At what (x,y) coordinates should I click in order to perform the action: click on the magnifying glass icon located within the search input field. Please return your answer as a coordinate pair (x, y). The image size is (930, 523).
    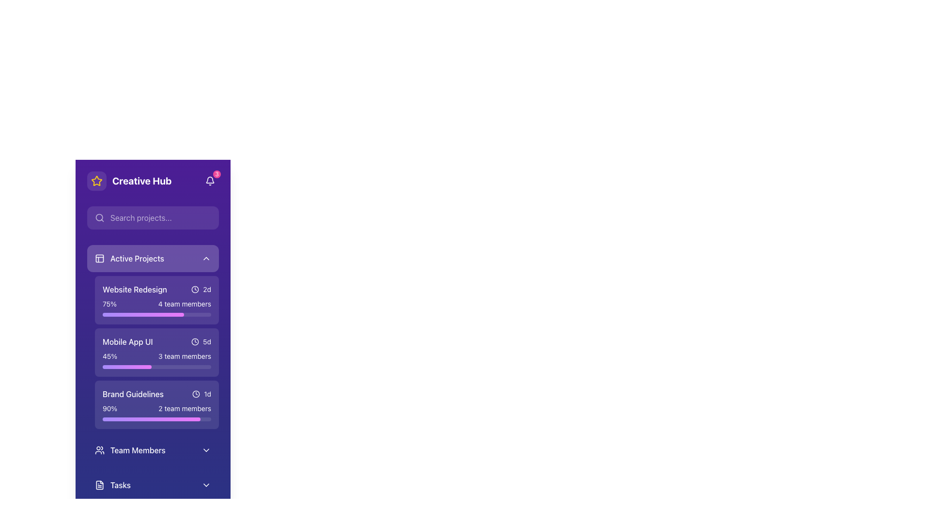
    Looking at the image, I should click on (100, 218).